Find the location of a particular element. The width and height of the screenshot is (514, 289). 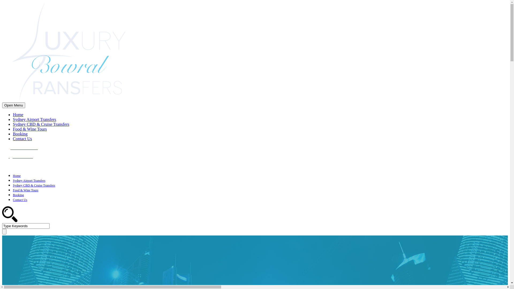

'Contact Us' is located at coordinates (22, 138).